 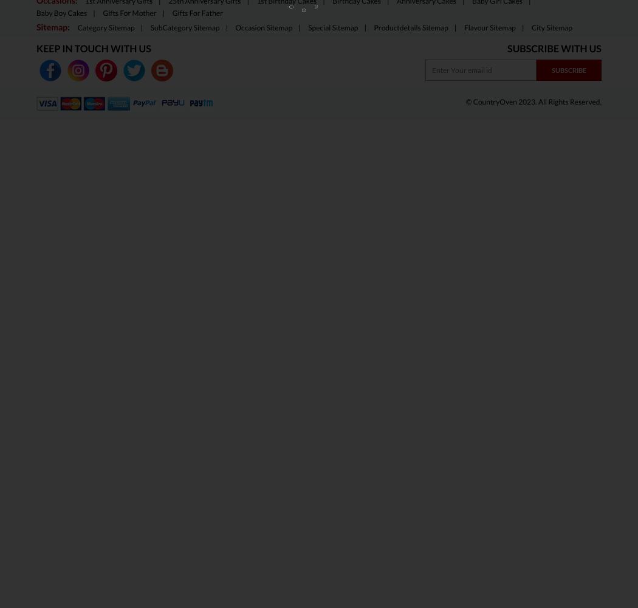 What do you see at coordinates (149, 27) in the screenshot?
I see `'SubCategory Sitemap'` at bounding box center [149, 27].